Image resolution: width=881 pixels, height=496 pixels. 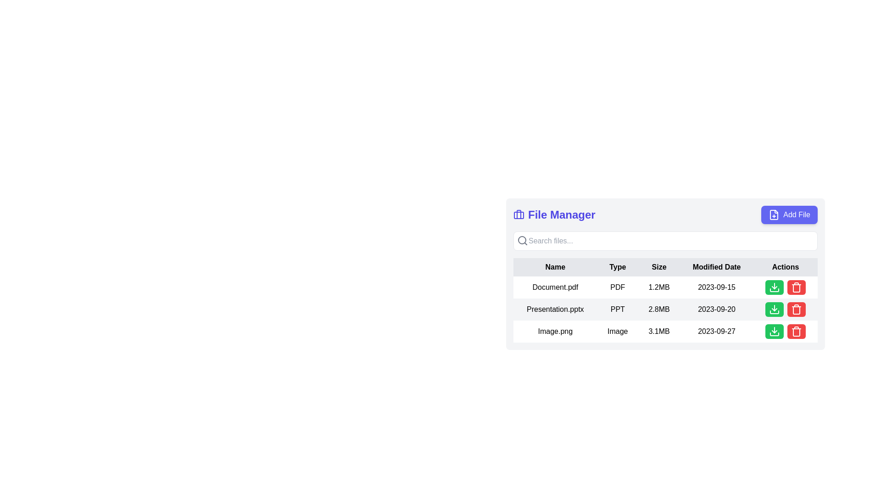 I want to click on the download icon styled with a downward-pointing arrow and a horizontal line beneath it, located within the green button in the 'Actions' column of the 'File Manager' table for the file 'Image.png', so click(x=774, y=331).